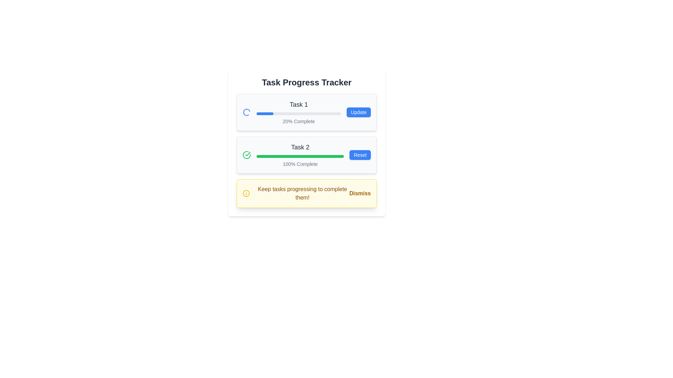 This screenshot has width=673, height=378. I want to click on the dismiss button located in the bottom-right corner of the yellow-alert styled banner, so click(360, 193).